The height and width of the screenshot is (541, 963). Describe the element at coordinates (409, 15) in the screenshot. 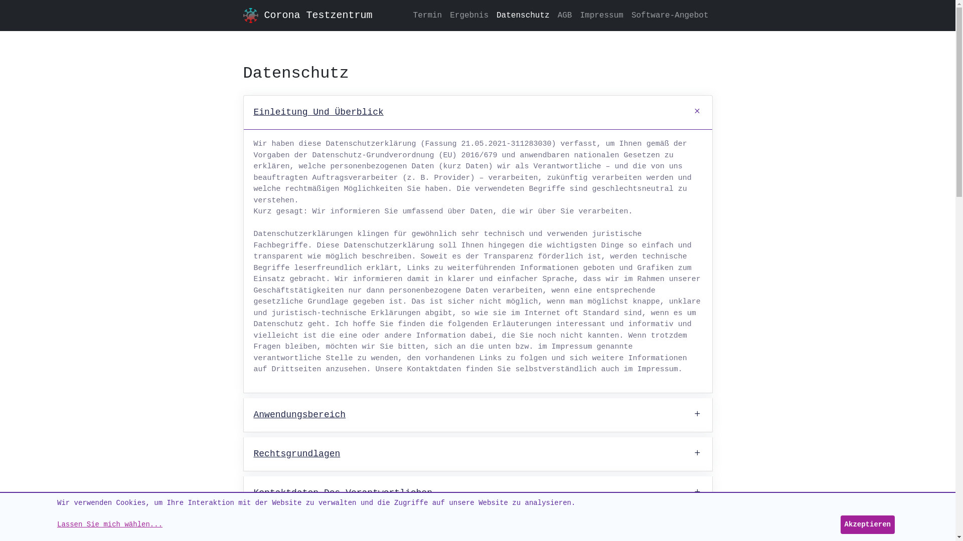

I see `'Termin'` at that location.